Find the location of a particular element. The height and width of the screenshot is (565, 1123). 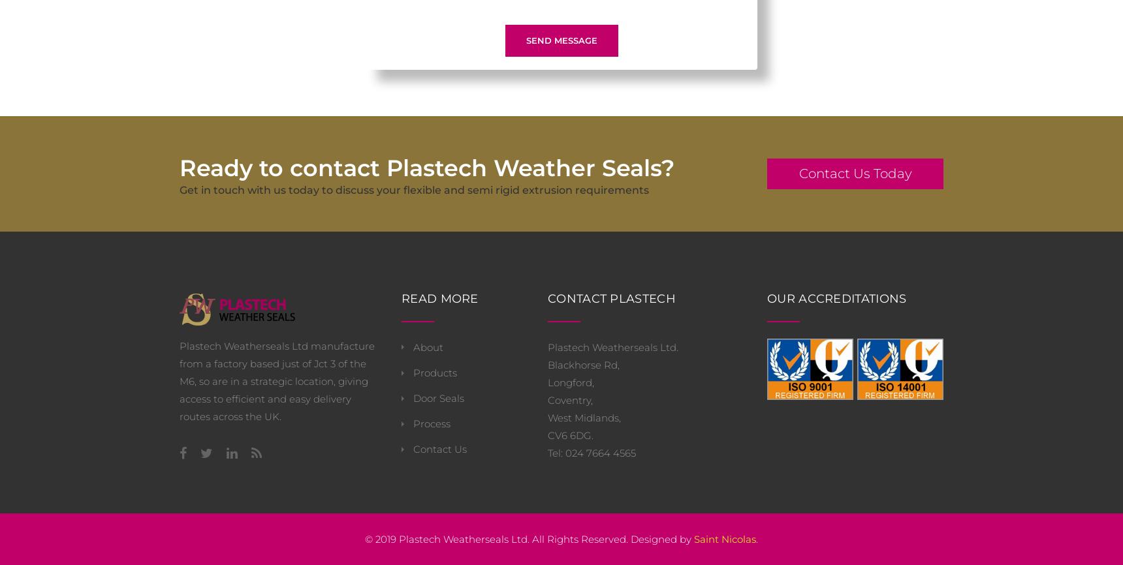

'Contact Plastech' is located at coordinates (611, 299).